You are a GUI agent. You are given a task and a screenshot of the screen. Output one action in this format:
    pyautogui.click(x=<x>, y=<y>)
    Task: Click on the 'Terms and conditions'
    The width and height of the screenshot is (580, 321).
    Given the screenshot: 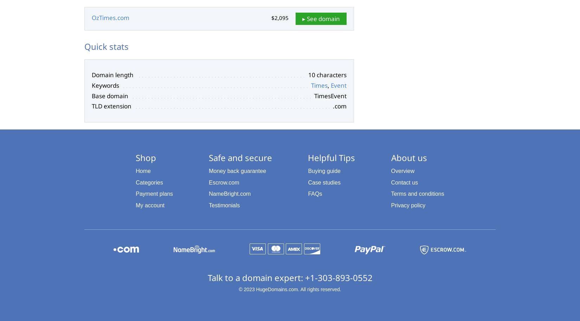 What is the action you would take?
    pyautogui.click(x=417, y=194)
    